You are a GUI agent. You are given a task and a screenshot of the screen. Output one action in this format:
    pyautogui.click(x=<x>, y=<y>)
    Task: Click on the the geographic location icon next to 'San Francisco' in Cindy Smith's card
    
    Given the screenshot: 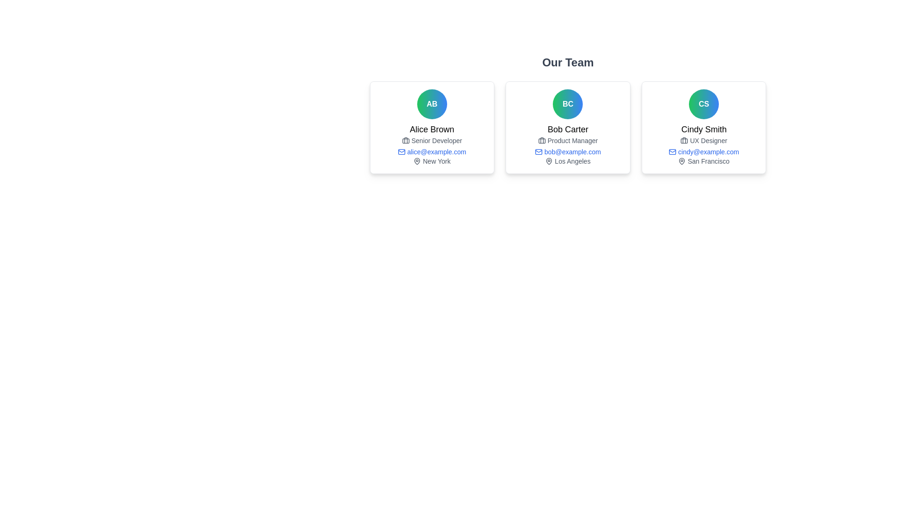 What is the action you would take?
    pyautogui.click(x=682, y=160)
    